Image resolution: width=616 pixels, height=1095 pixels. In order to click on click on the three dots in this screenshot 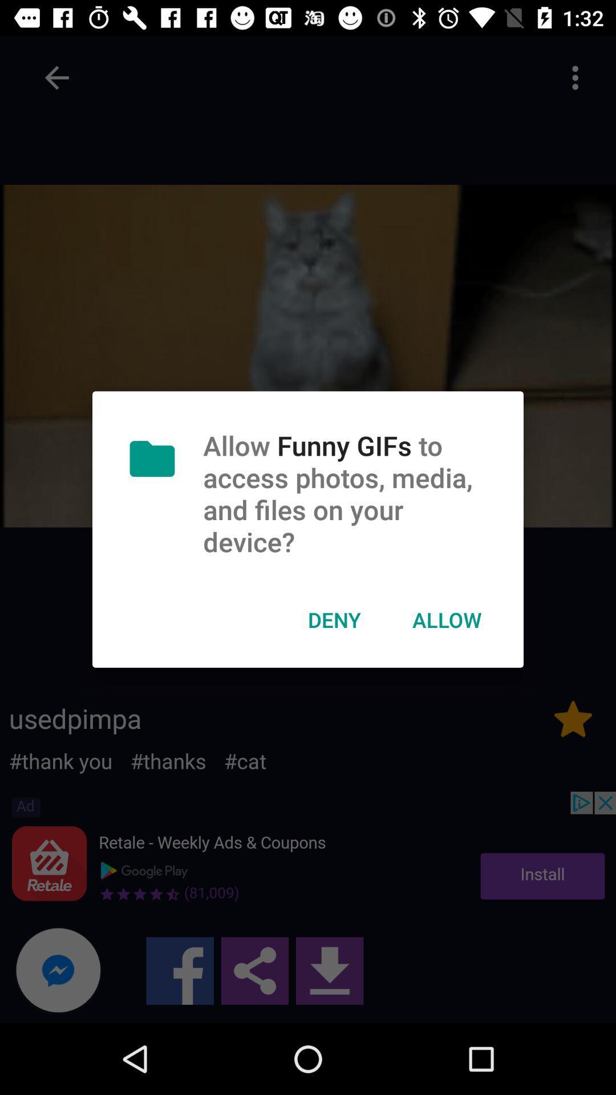, I will do `click(575, 77)`.